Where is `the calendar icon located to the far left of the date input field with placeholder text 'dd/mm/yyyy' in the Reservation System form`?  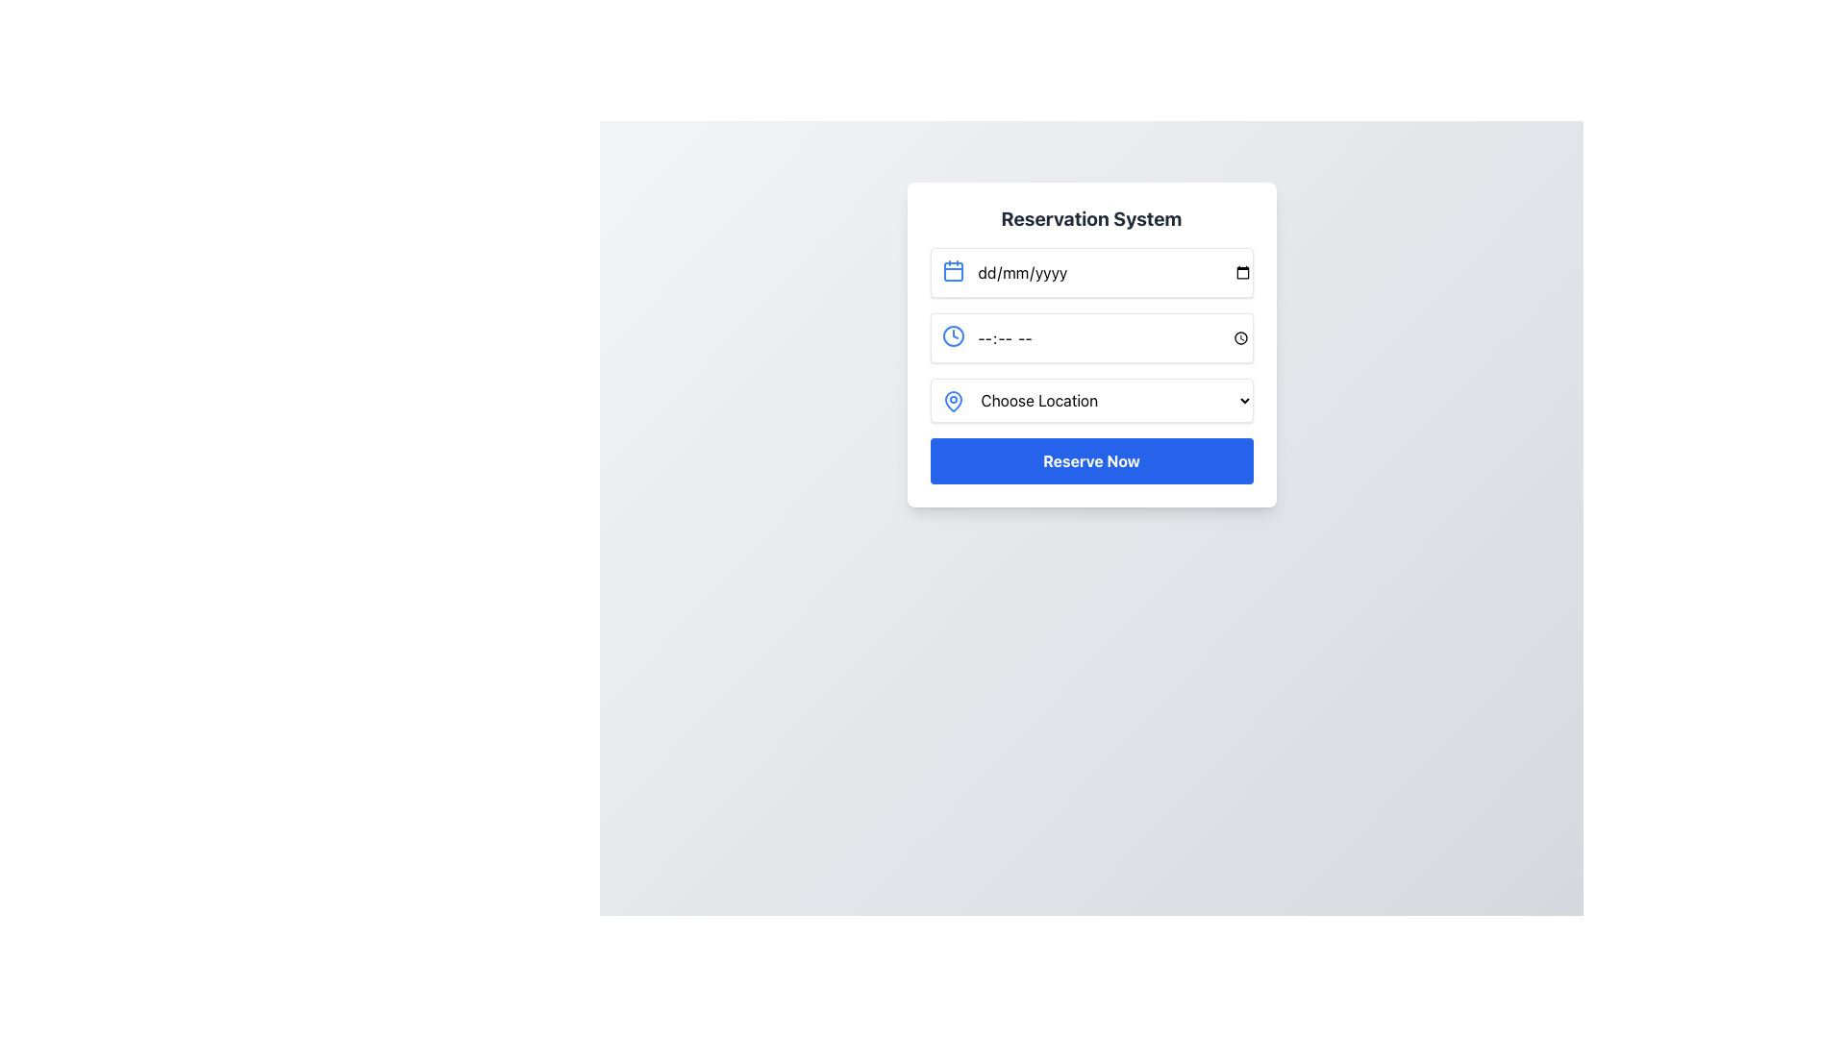
the calendar icon located to the far left of the date input field with placeholder text 'dd/mm/yyyy' in the Reservation System form is located at coordinates (953, 270).